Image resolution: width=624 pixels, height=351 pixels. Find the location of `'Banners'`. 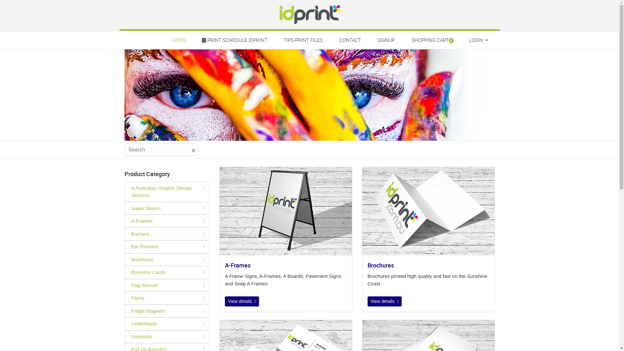

'Banners' is located at coordinates (167, 234).